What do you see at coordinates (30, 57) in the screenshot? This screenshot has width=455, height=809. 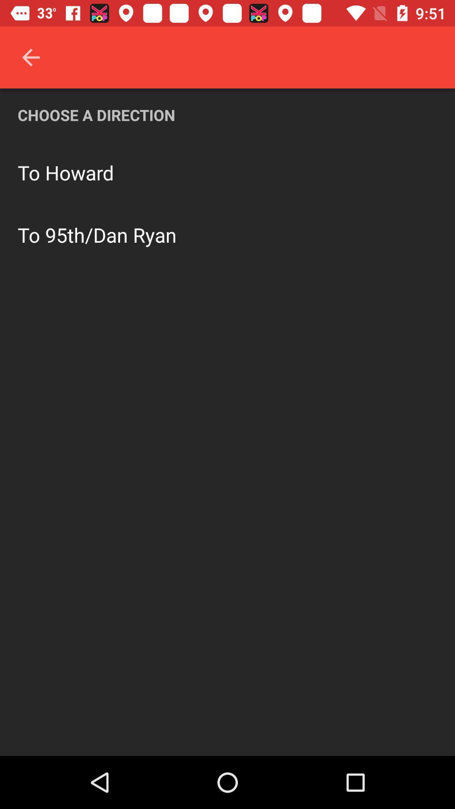 I see `icon above the choose a direction icon` at bounding box center [30, 57].